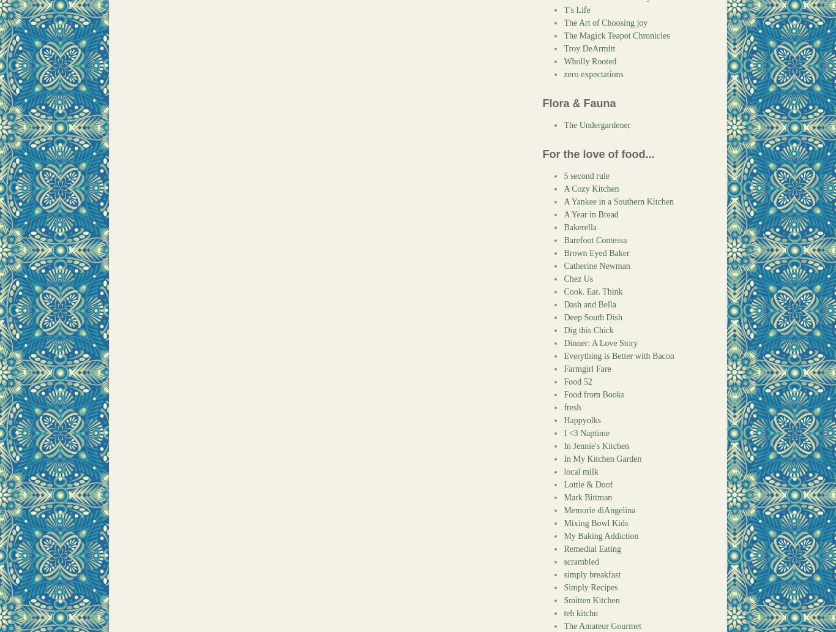 This screenshot has width=836, height=632. Describe the element at coordinates (594, 394) in the screenshot. I see `'Food from Books'` at that location.